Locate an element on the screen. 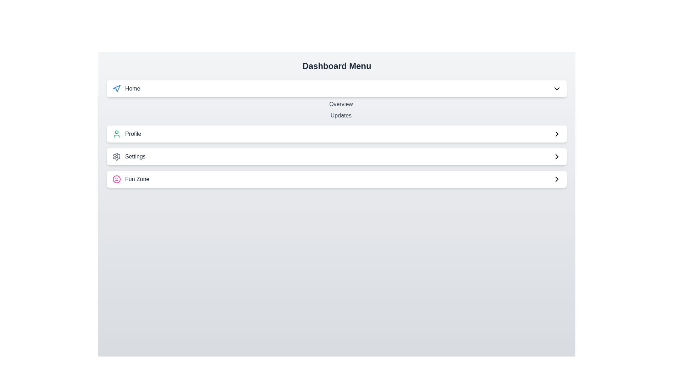 Image resolution: width=679 pixels, height=382 pixels. the chevron icon located to the far right of the 'Settings' menu item is located at coordinates (556, 134).